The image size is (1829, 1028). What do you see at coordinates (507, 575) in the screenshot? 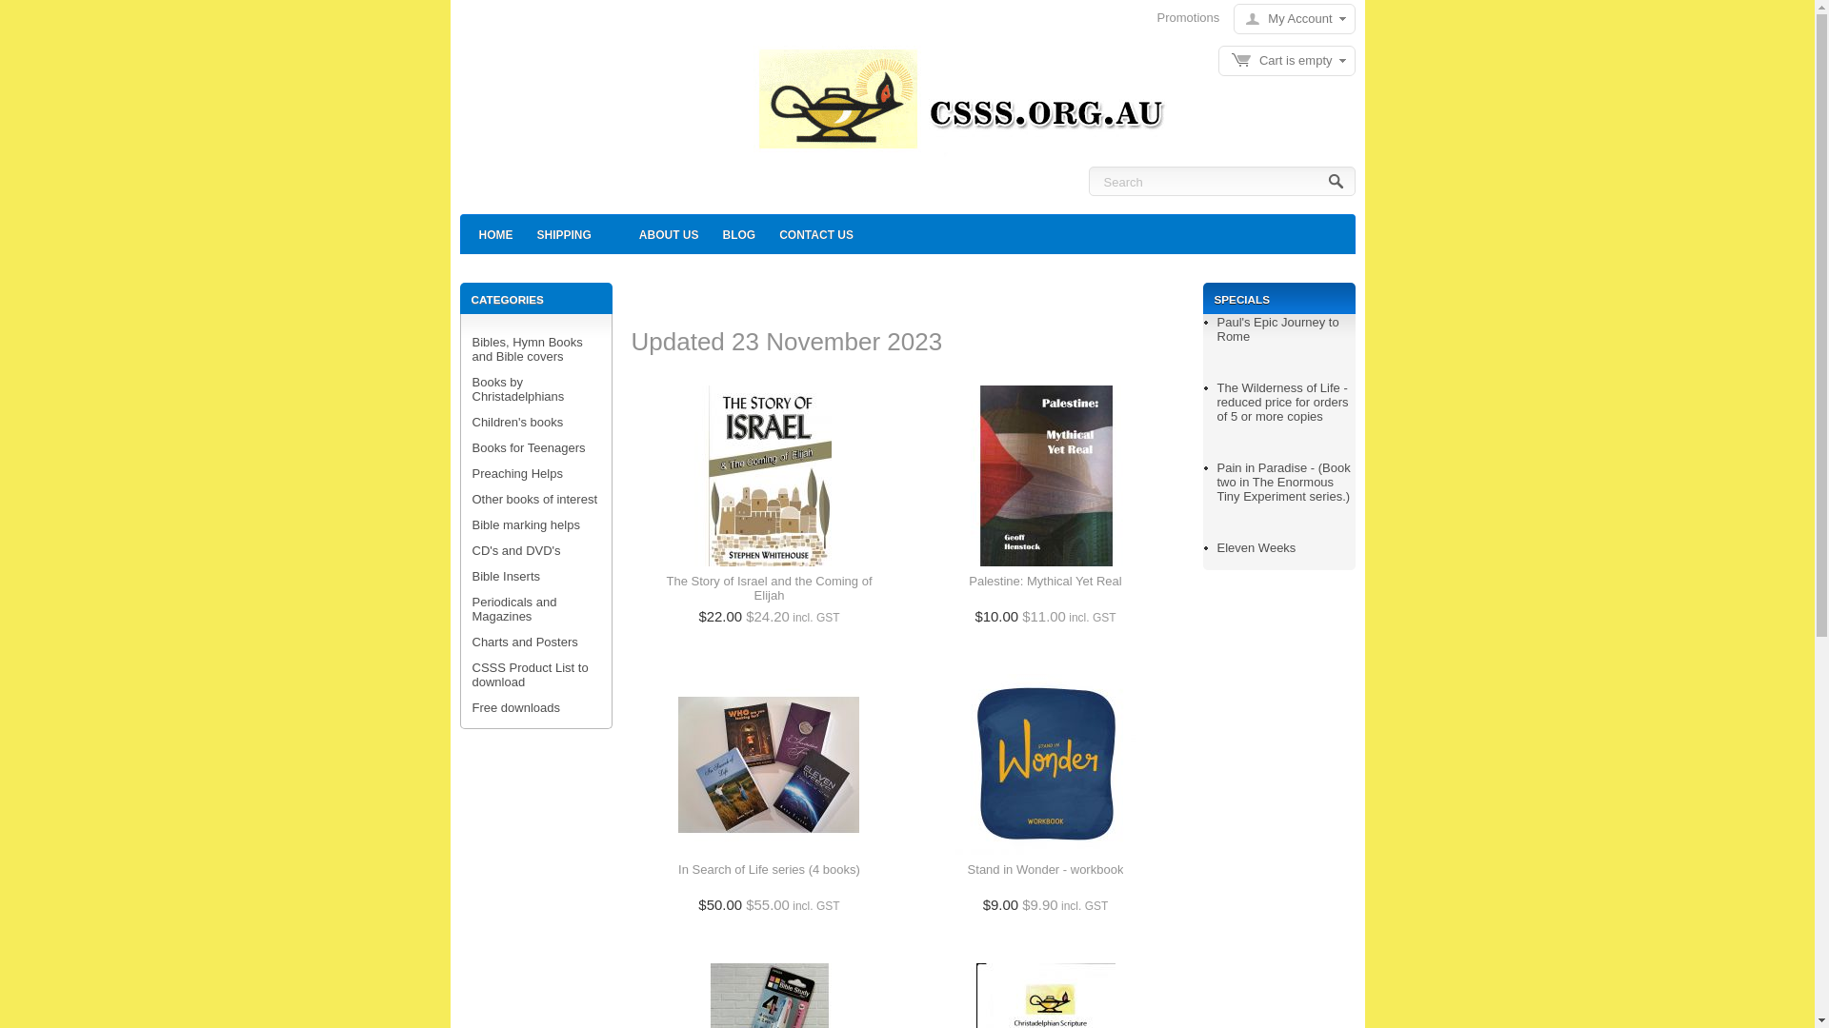
I see `'Bible Inserts'` at bounding box center [507, 575].